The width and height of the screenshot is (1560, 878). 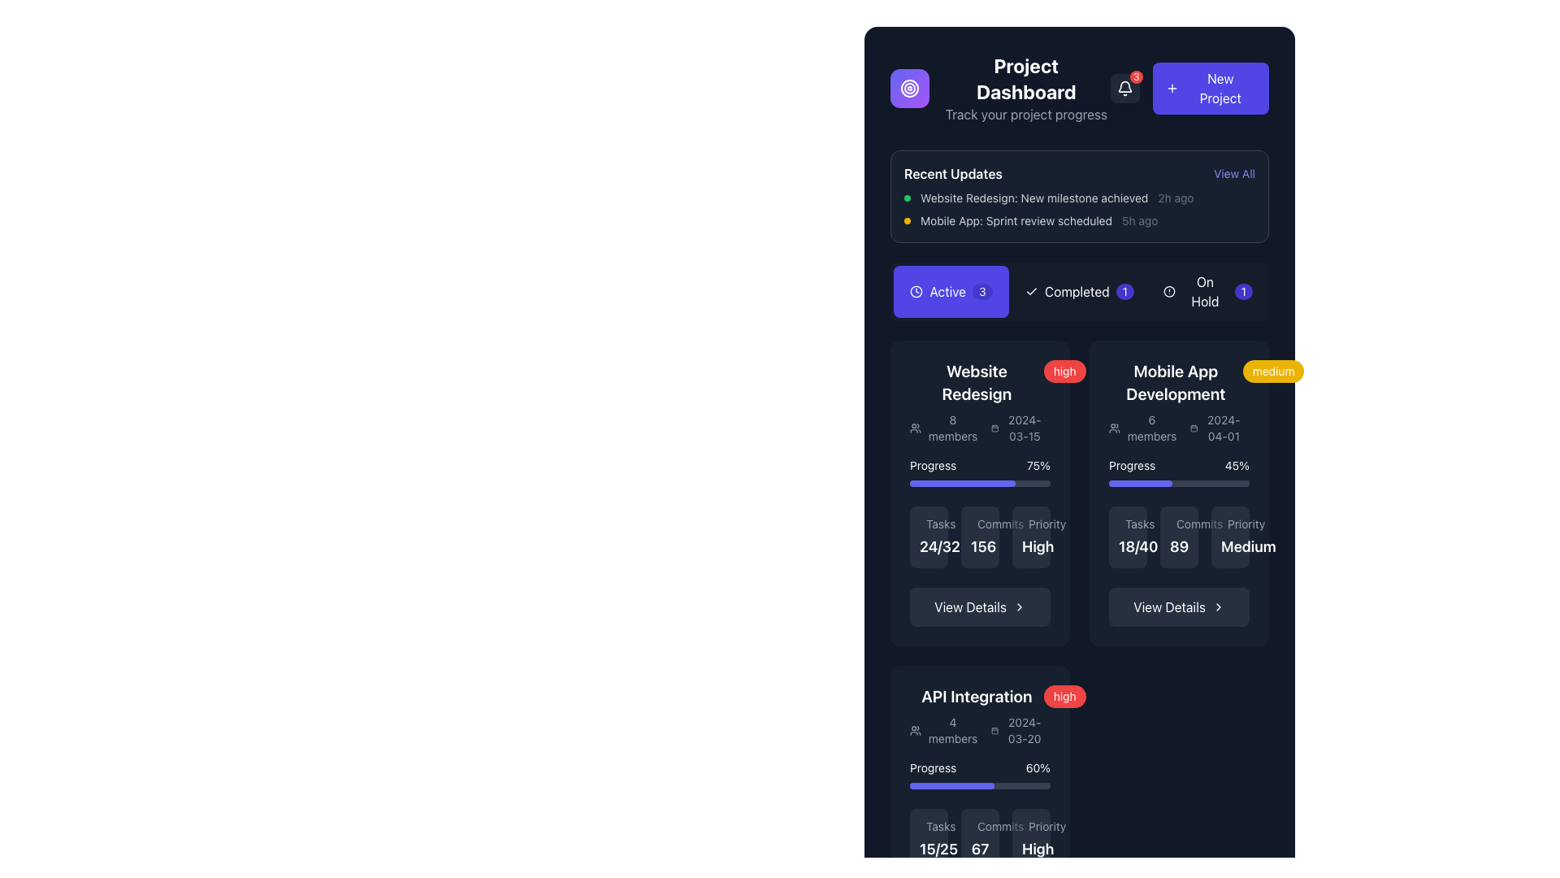 What do you see at coordinates (979, 827) in the screenshot?
I see `the label with icon that provides contextual information about the commits associated with the API Integration project by moving the cursor to its center point` at bounding box center [979, 827].